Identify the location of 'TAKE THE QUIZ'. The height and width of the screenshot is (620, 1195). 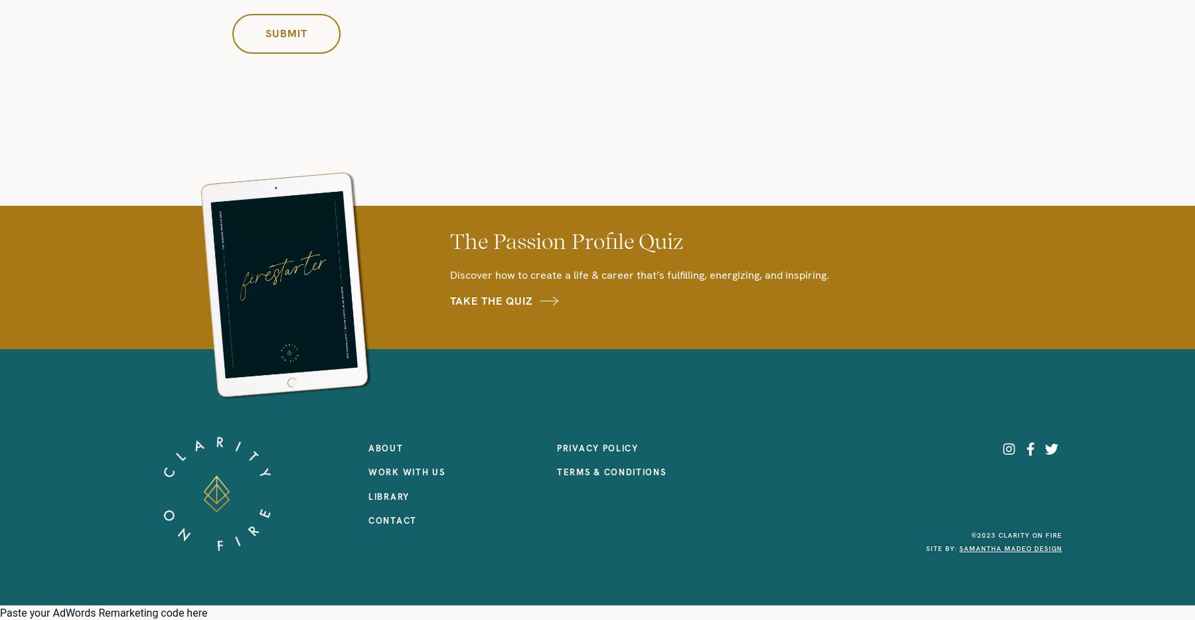
(491, 300).